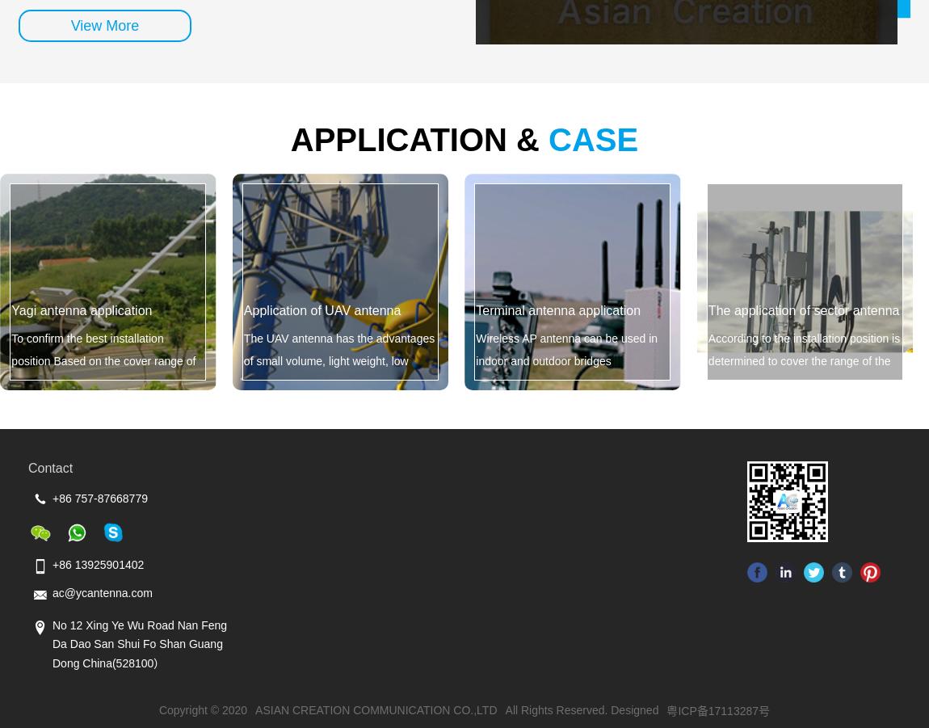 The image size is (929, 728). Describe the element at coordinates (202, 709) in the screenshot. I see `'Copyright © 2020'` at that location.